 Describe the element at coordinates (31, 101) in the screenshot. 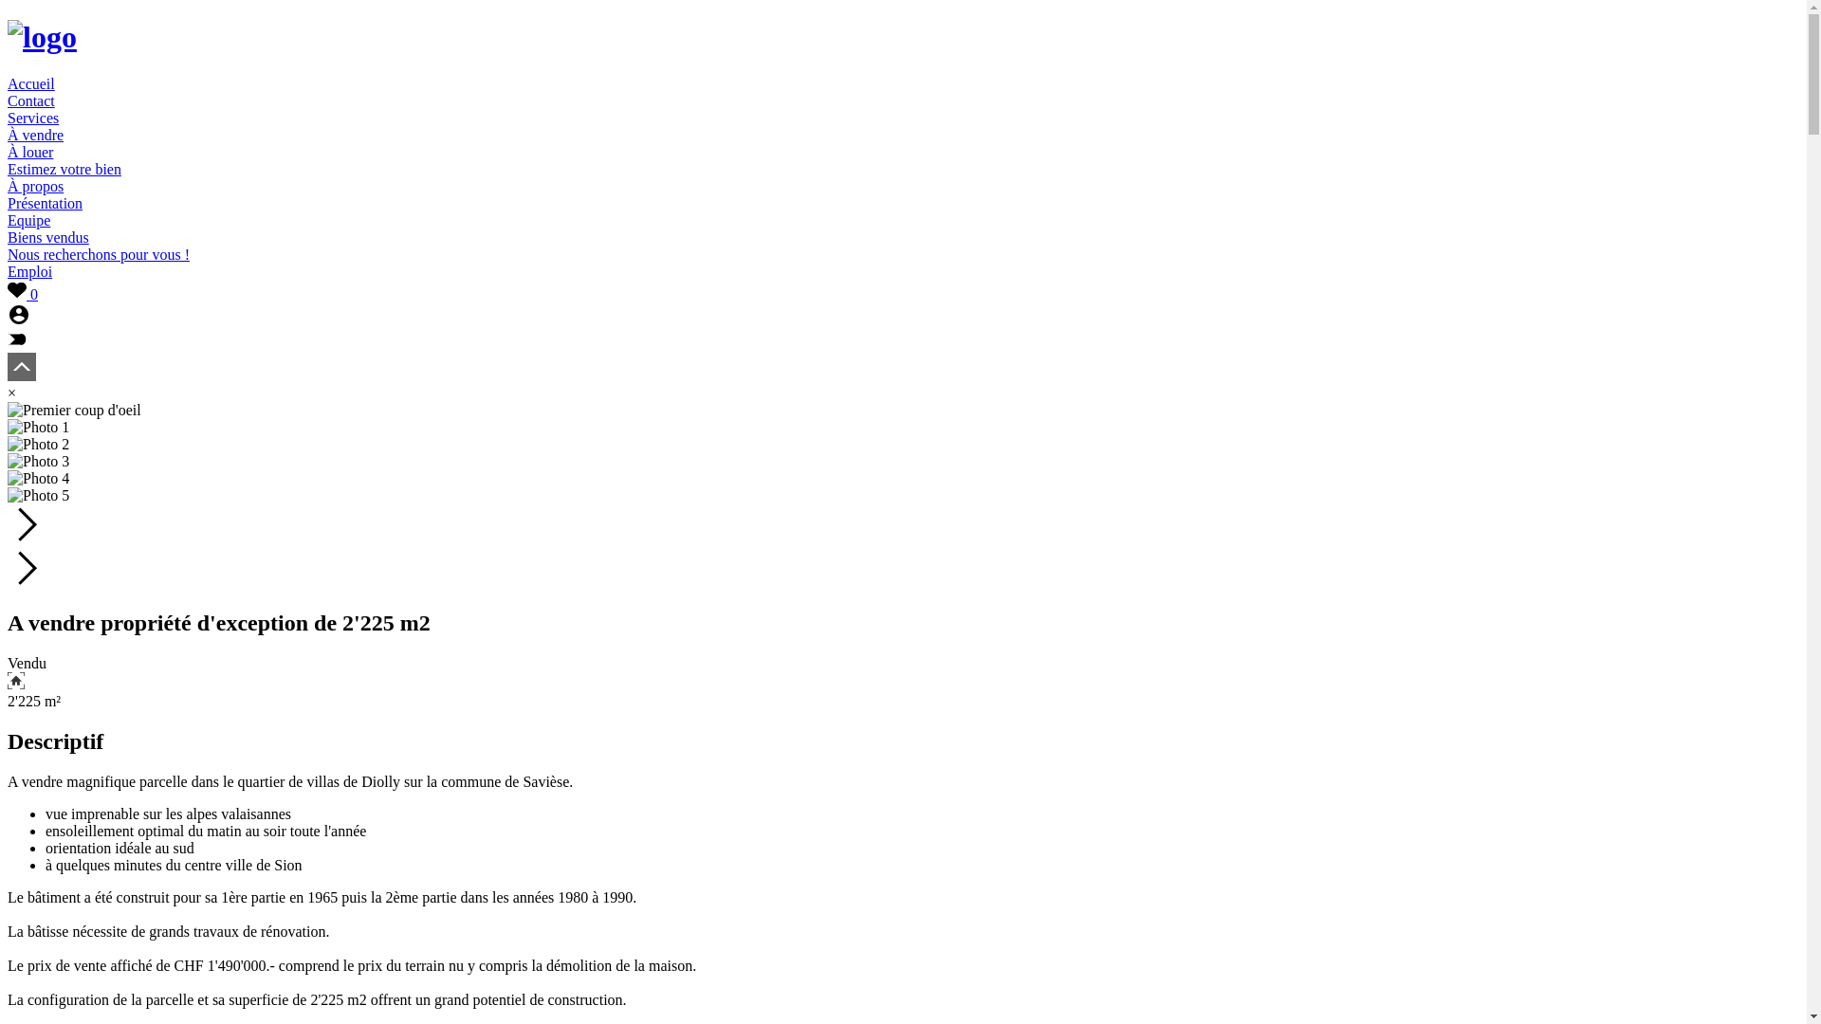

I see `'Contact'` at that location.